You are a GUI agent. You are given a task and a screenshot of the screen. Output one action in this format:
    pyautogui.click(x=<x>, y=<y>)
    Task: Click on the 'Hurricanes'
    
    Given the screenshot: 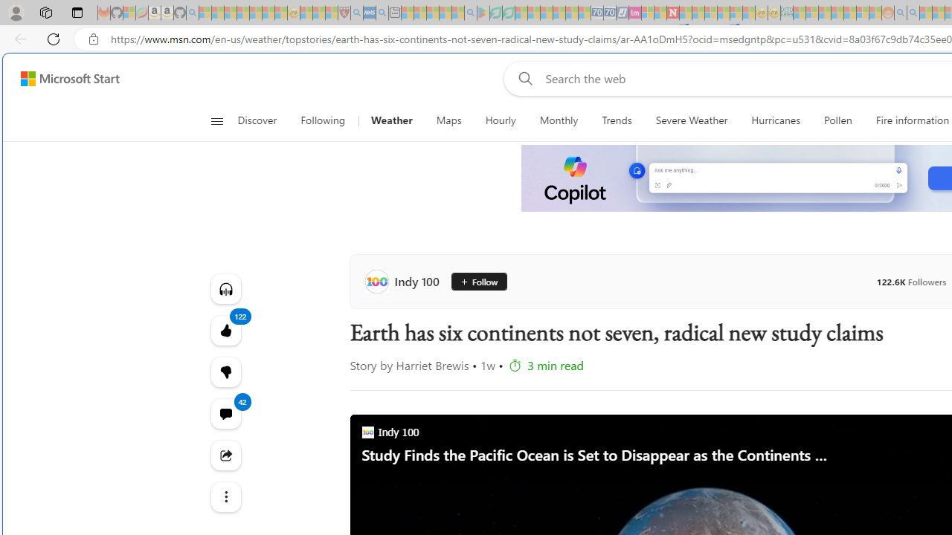 What is the action you would take?
    pyautogui.click(x=775, y=120)
    